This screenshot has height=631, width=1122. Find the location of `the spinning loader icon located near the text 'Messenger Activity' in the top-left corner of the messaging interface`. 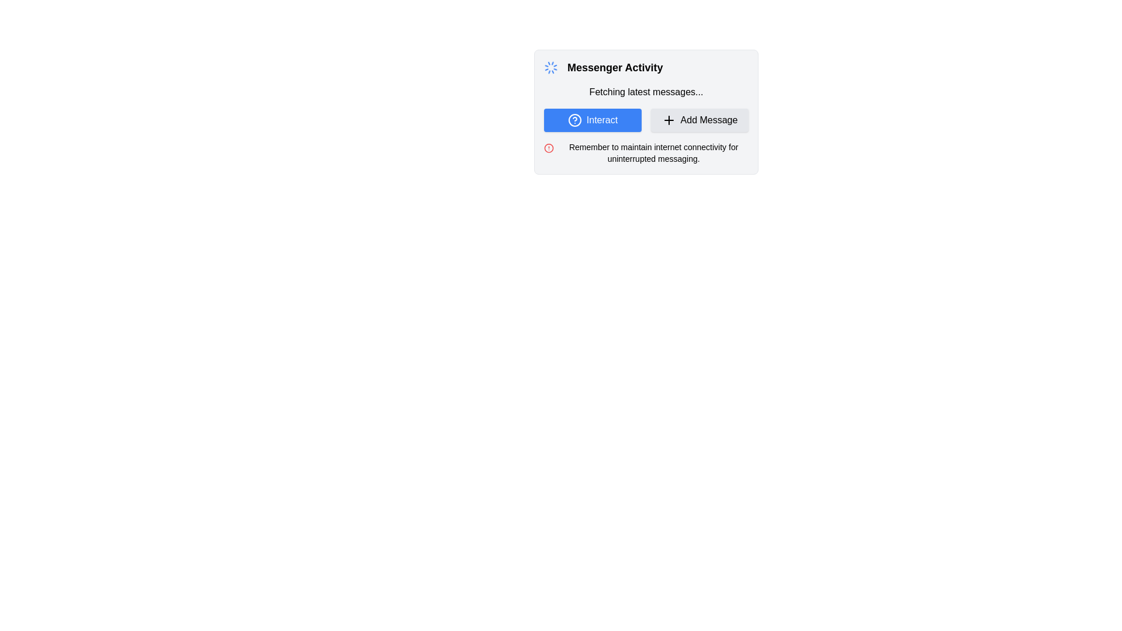

the spinning loader icon located near the text 'Messenger Activity' in the top-left corner of the messaging interface is located at coordinates (550, 67).